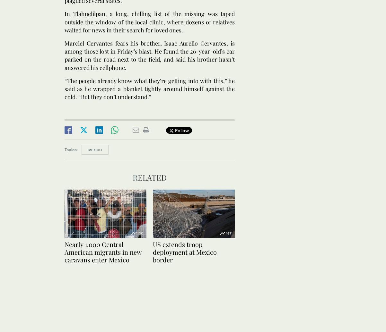  Describe the element at coordinates (184, 251) in the screenshot. I see `'US extends troop deployment at Mexico border'` at that location.